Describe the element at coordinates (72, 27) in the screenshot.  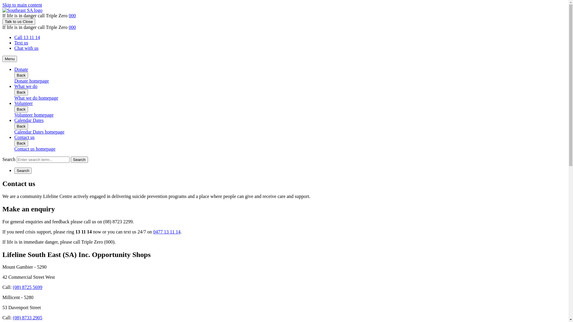
I see `'000'` at that location.